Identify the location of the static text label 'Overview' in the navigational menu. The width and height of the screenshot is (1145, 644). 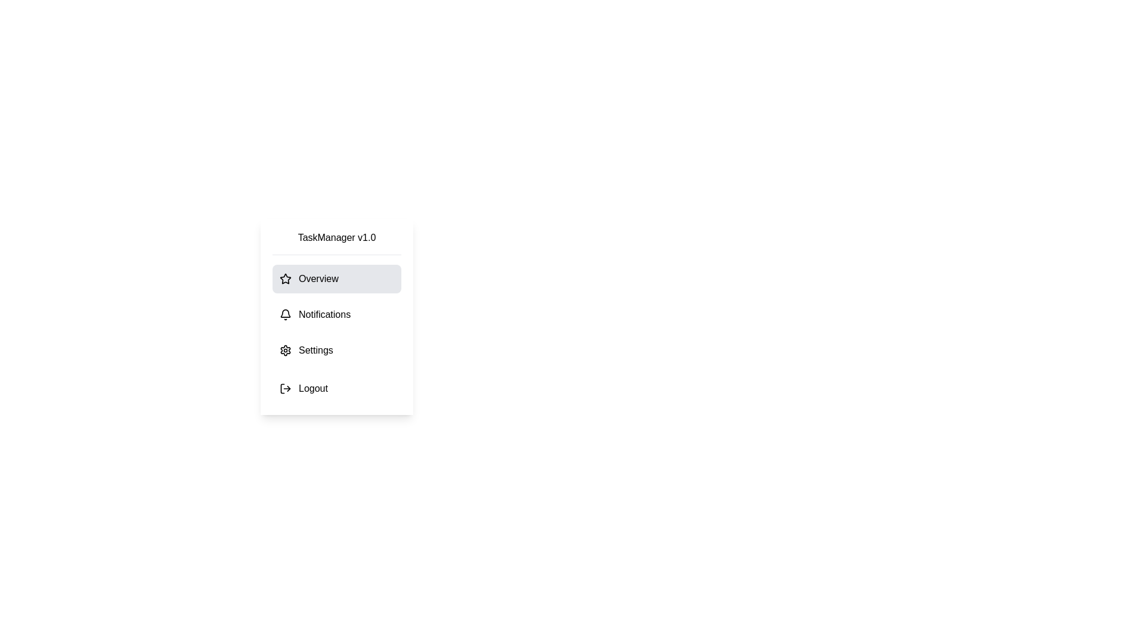
(318, 278).